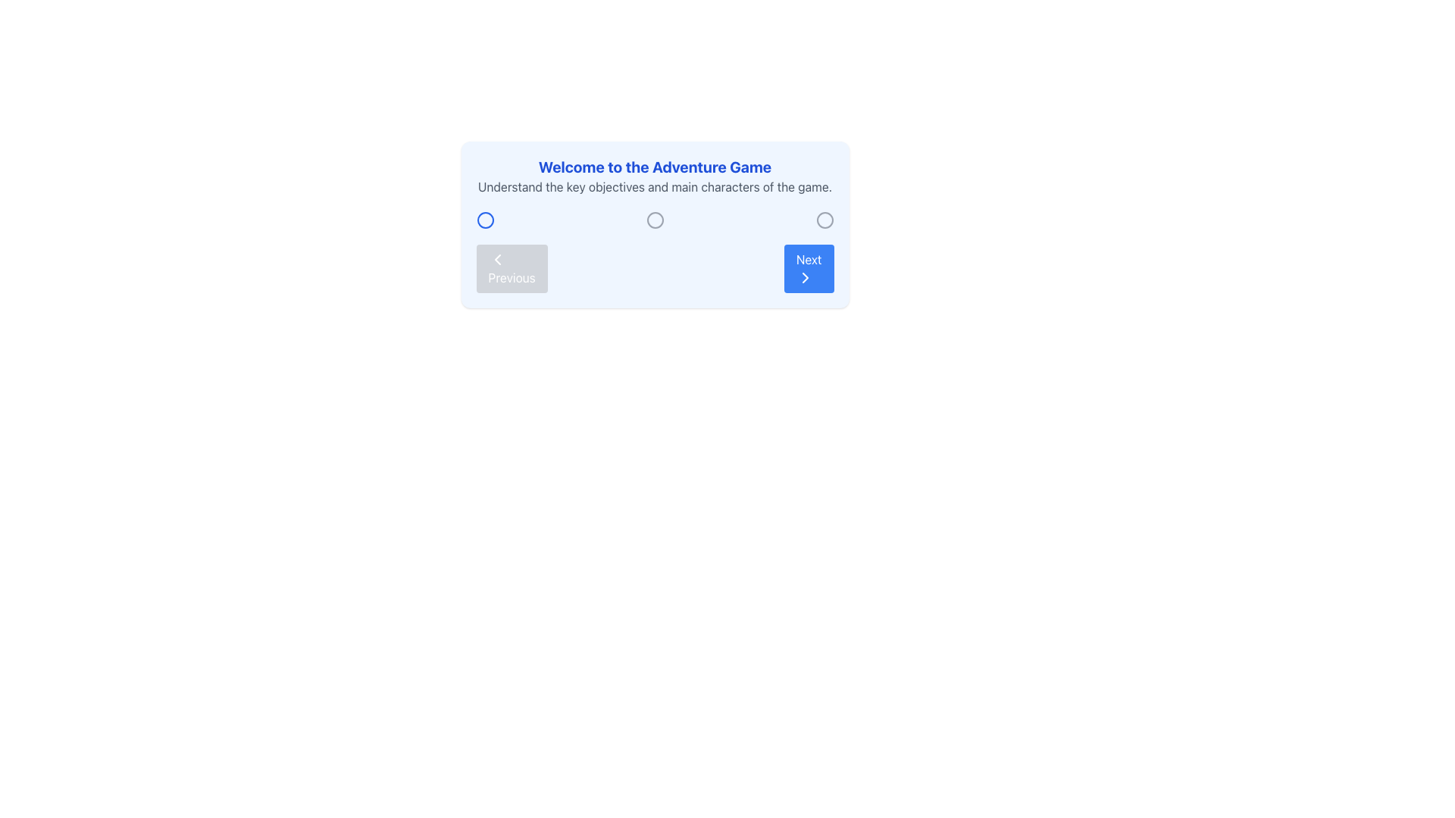 The width and height of the screenshot is (1455, 818). Describe the element at coordinates (485, 220) in the screenshot. I see `the leftmost blue-bordered circle in the horizontal row of three circles` at that location.